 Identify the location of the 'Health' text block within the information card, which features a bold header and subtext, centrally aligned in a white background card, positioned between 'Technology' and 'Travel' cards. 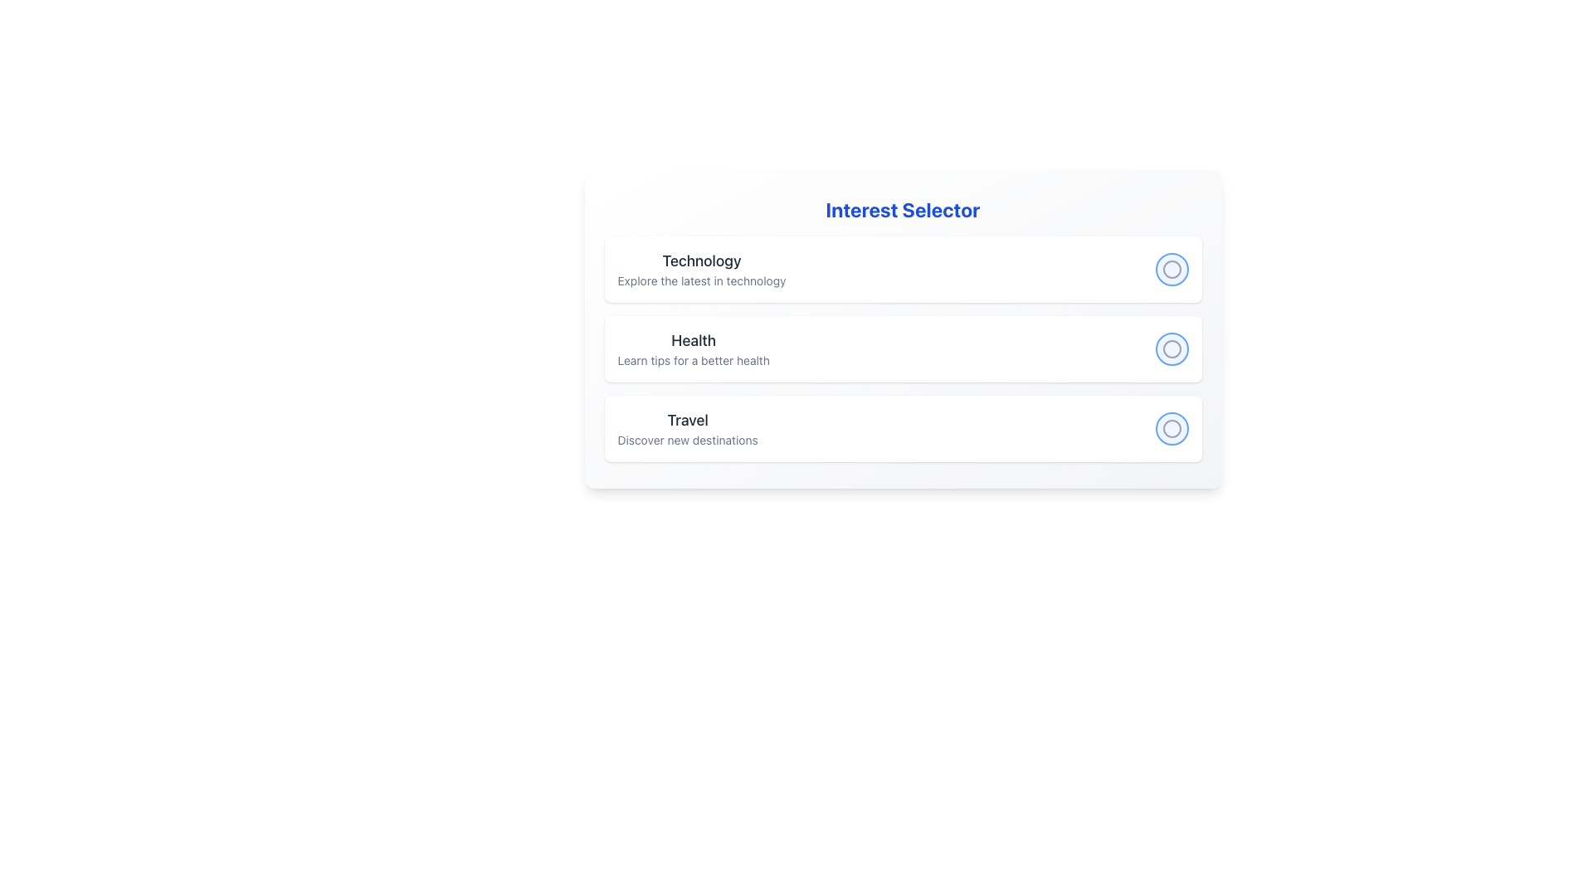
(694, 348).